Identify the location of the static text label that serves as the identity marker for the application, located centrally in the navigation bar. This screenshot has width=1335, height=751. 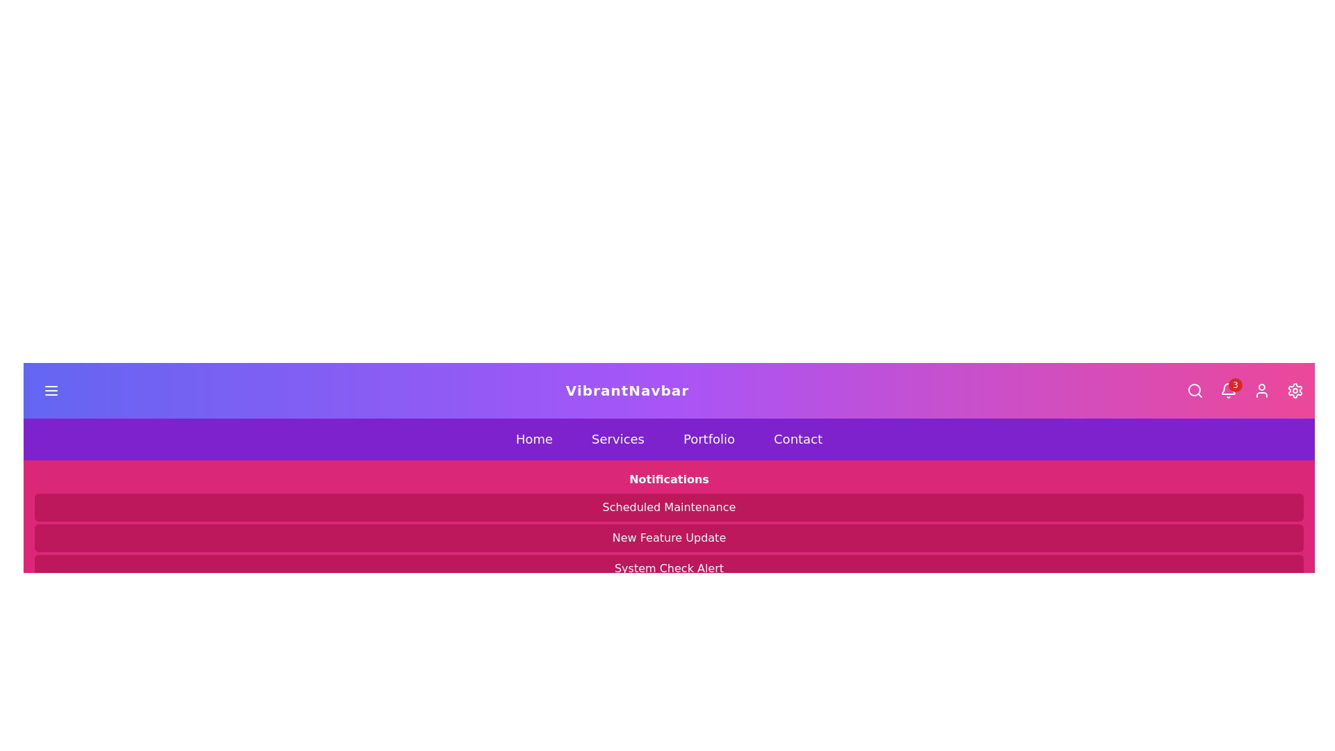
(626, 391).